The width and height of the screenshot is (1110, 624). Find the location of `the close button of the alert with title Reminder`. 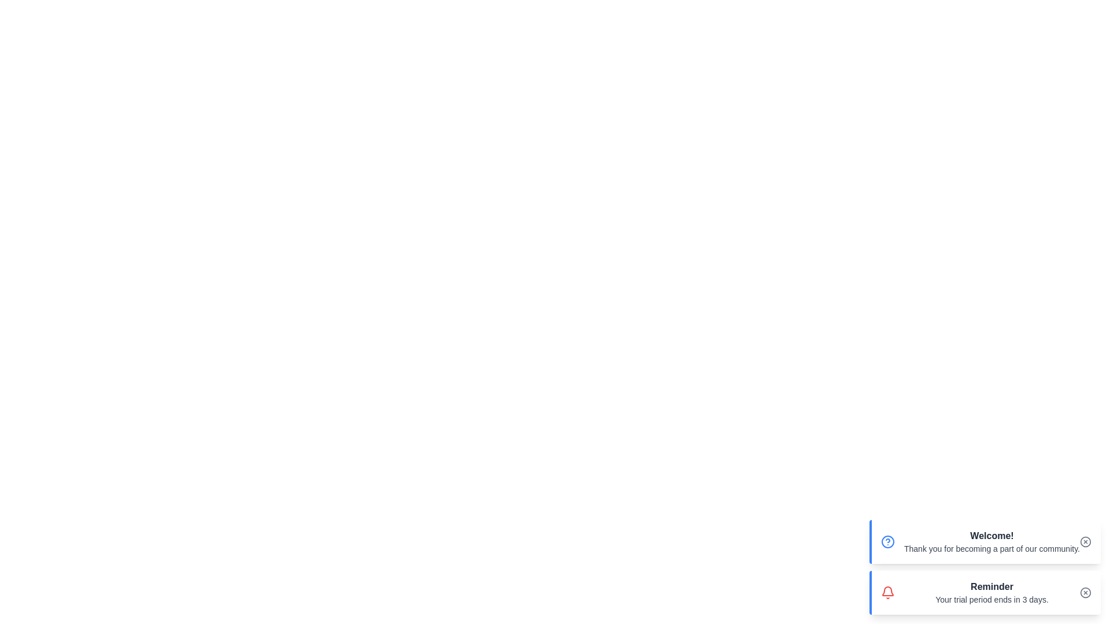

the close button of the alert with title Reminder is located at coordinates (1085, 593).